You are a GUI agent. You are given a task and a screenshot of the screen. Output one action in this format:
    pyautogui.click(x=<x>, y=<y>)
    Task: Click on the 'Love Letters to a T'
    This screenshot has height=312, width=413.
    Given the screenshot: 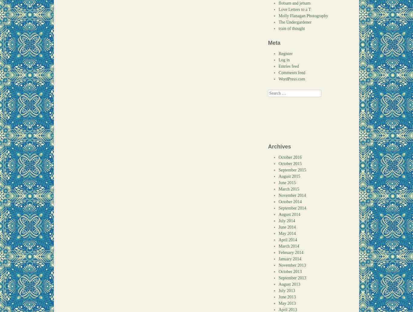 What is the action you would take?
    pyautogui.click(x=294, y=9)
    